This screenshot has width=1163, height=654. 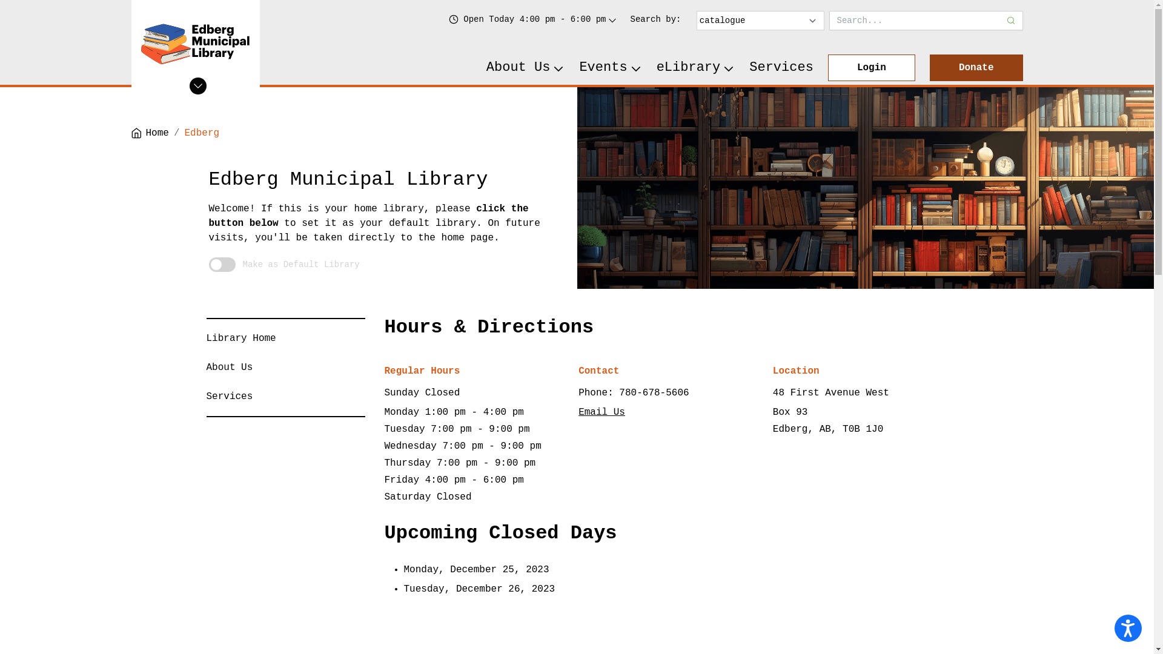 What do you see at coordinates (526, 67) in the screenshot?
I see `'About Us'` at bounding box center [526, 67].